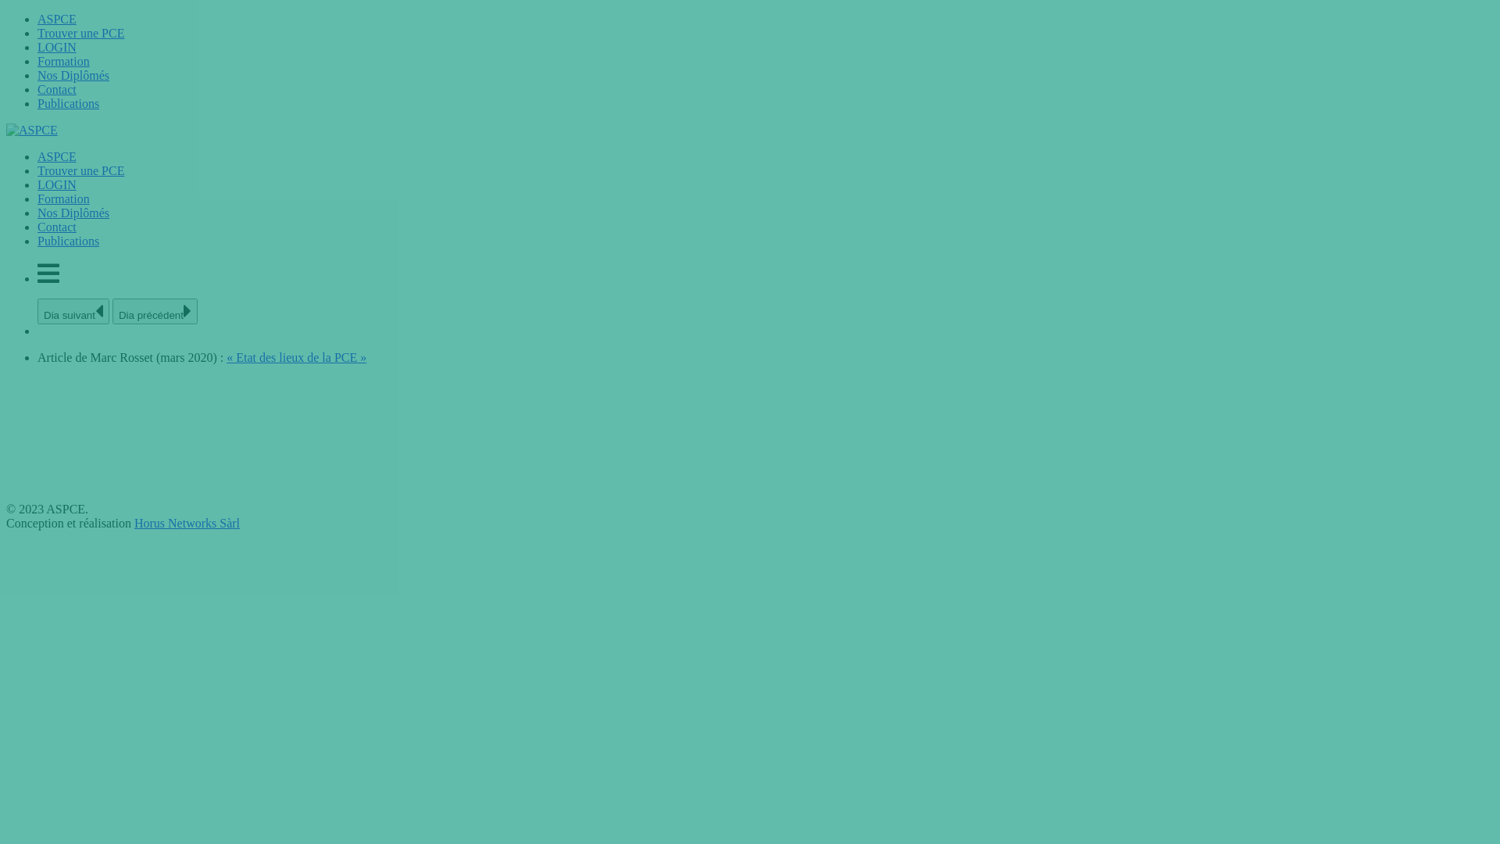 This screenshot has width=1500, height=844. Describe the element at coordinates (67, 241) in the screenshot. I see `'Publications'` at that location.